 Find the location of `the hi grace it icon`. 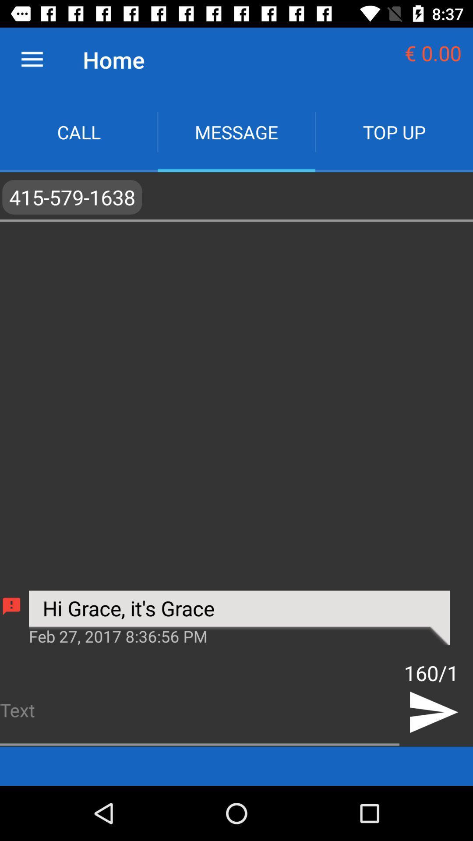

the hi grace it icon is located at coordinates (239, 617).